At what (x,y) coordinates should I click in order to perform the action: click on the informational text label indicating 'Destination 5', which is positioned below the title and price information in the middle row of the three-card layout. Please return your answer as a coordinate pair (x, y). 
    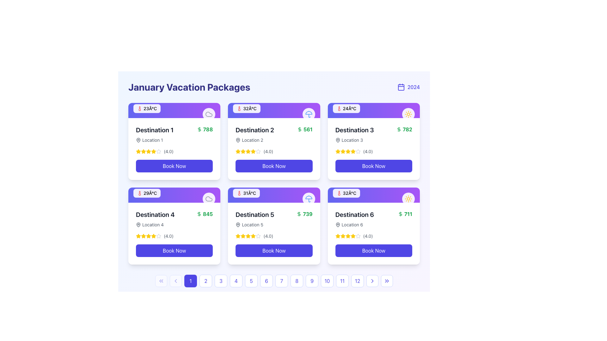
    Looking at the image, I should click on (252, 224).